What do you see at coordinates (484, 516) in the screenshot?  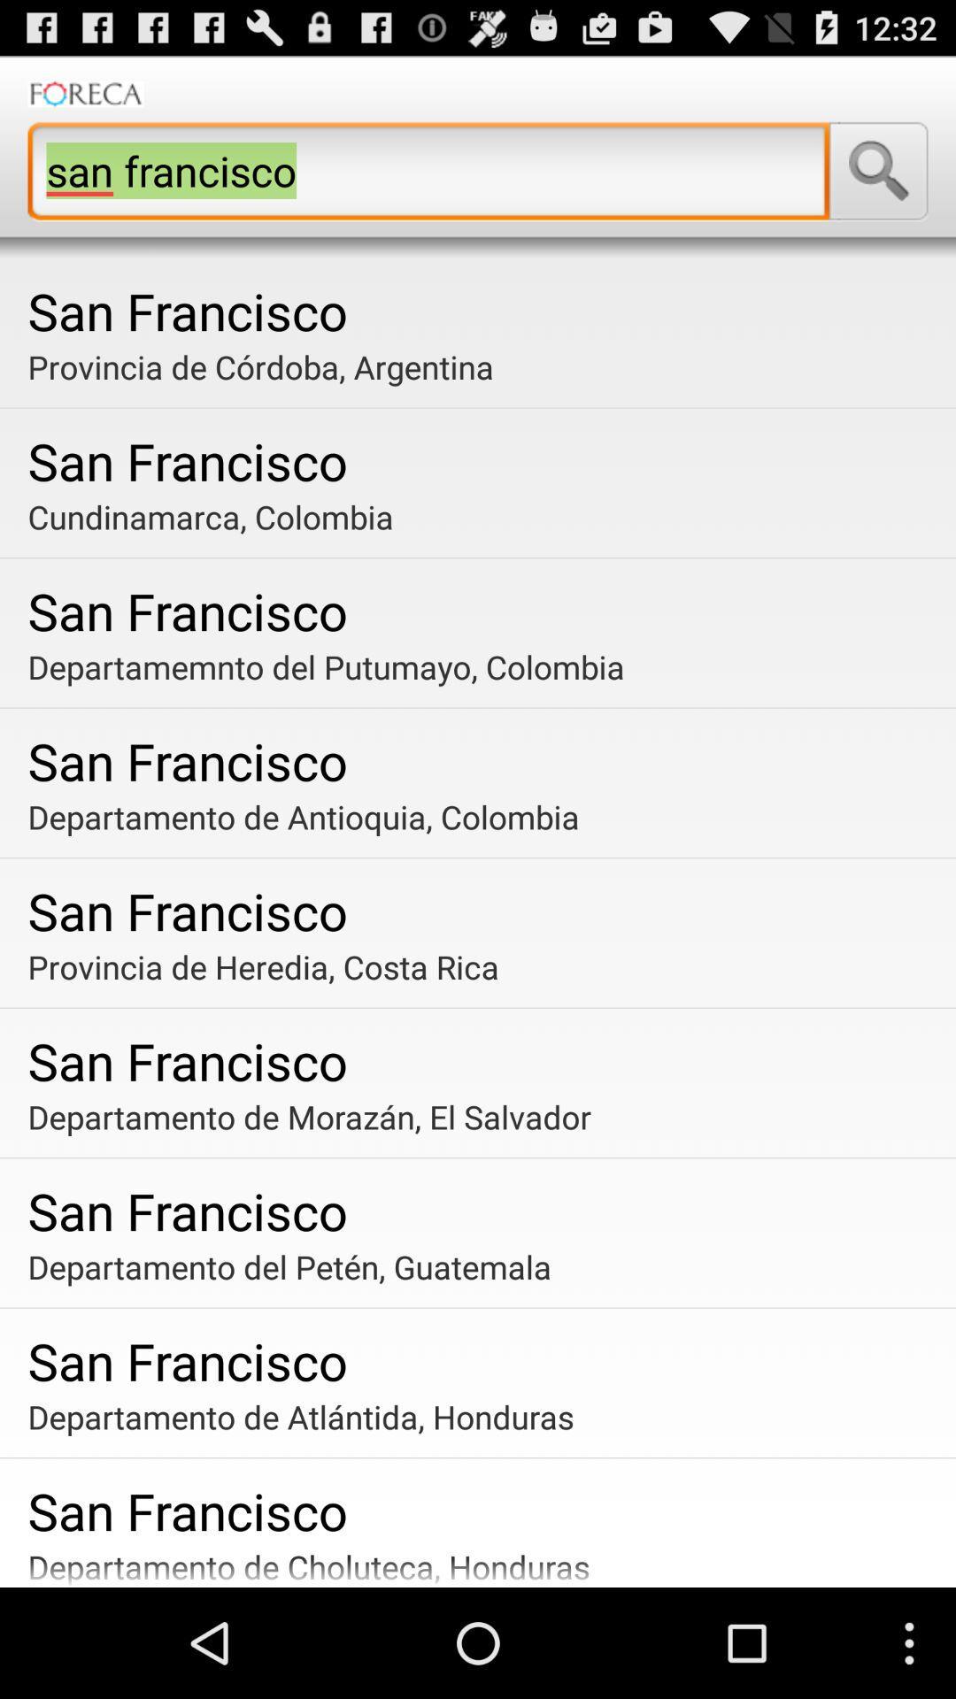 I see `the item below the san francisco app` at bounding box center [484, 516].